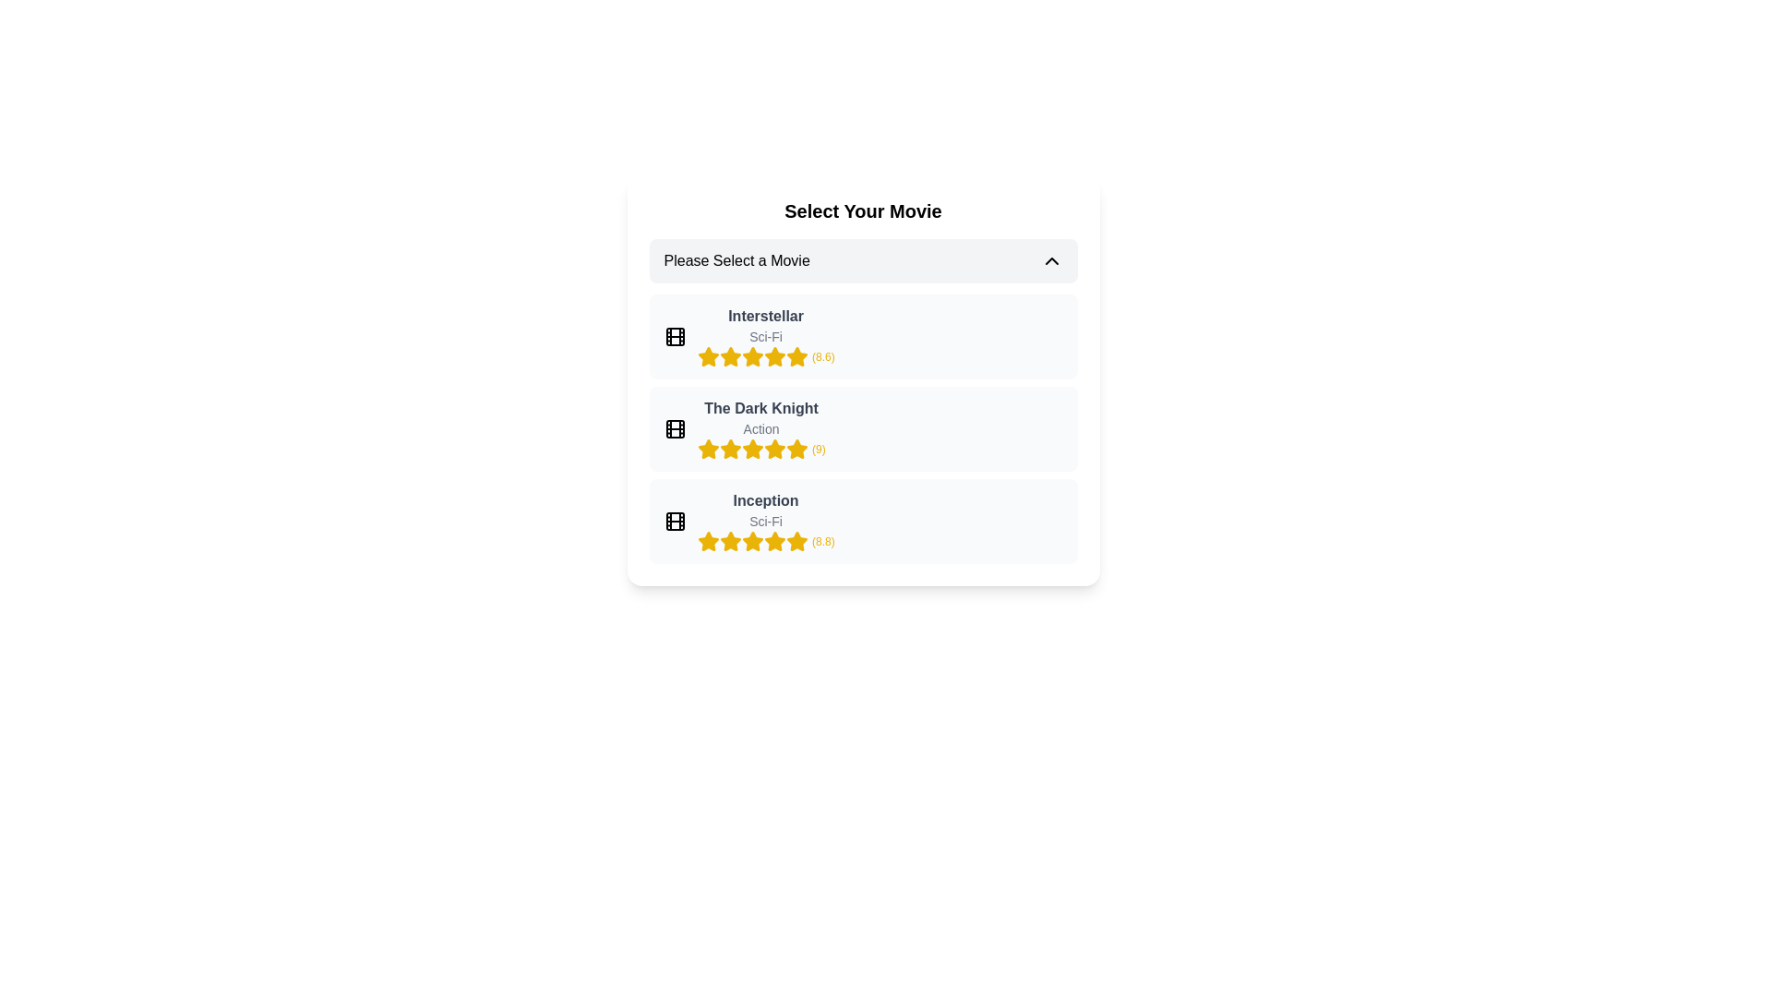 This screenshot has height=997, width=1772. Describe the element at coordinates (674, 521) in the screenshot. I see `the movie icon representing 'Inception' located on the left side of the movie title and description in the selection list` at that location.